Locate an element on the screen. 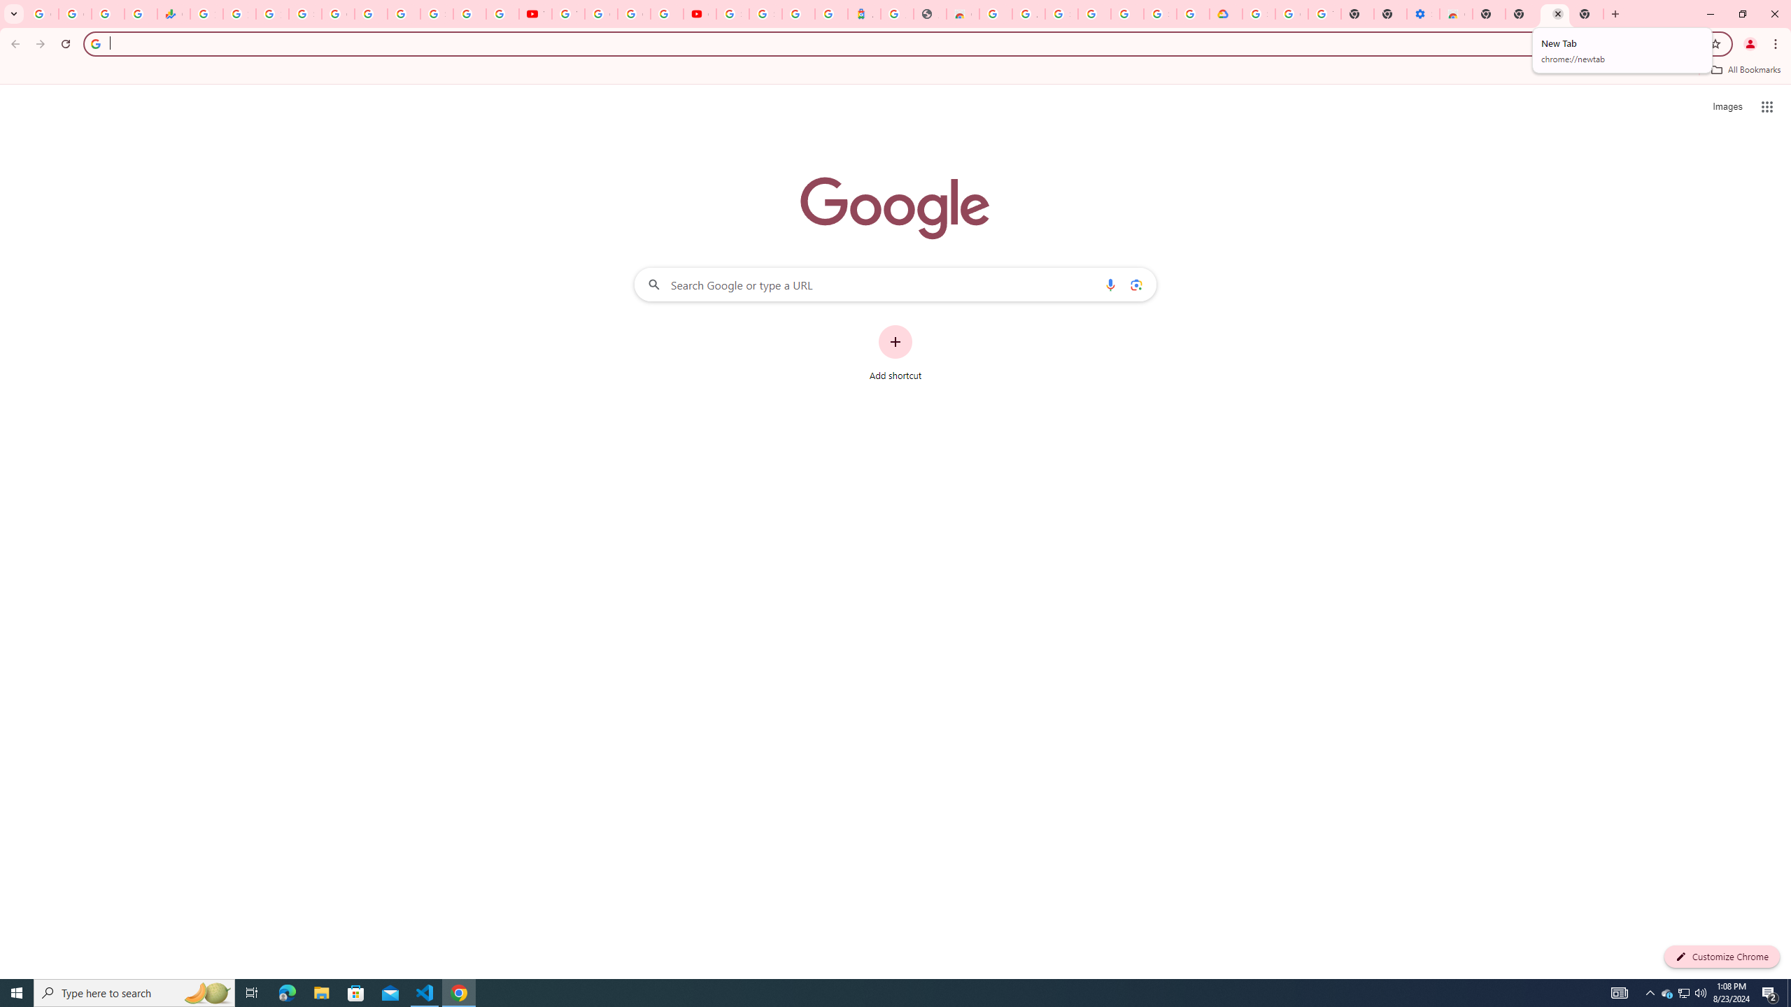 Image resolution: width=1791 pixels, height=1007 pixels. 'Chrome Web Store - Accessibility extensions' is located at coordinates (1455, 13).